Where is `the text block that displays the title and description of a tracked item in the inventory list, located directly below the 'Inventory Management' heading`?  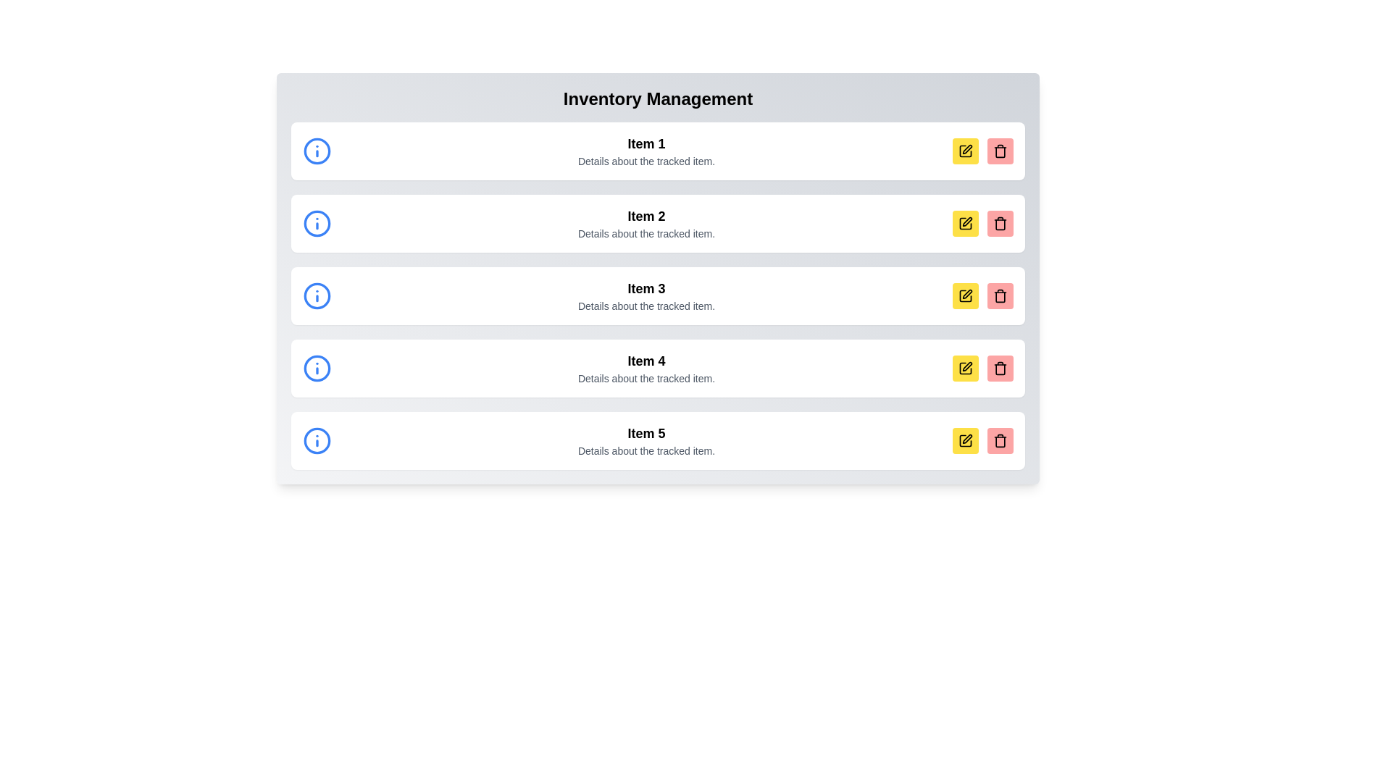 the text block that displays the title and description of a tracked item in the inventory list, located directly below the 'Inventory Management' heading is located at coordinates (646, 151).